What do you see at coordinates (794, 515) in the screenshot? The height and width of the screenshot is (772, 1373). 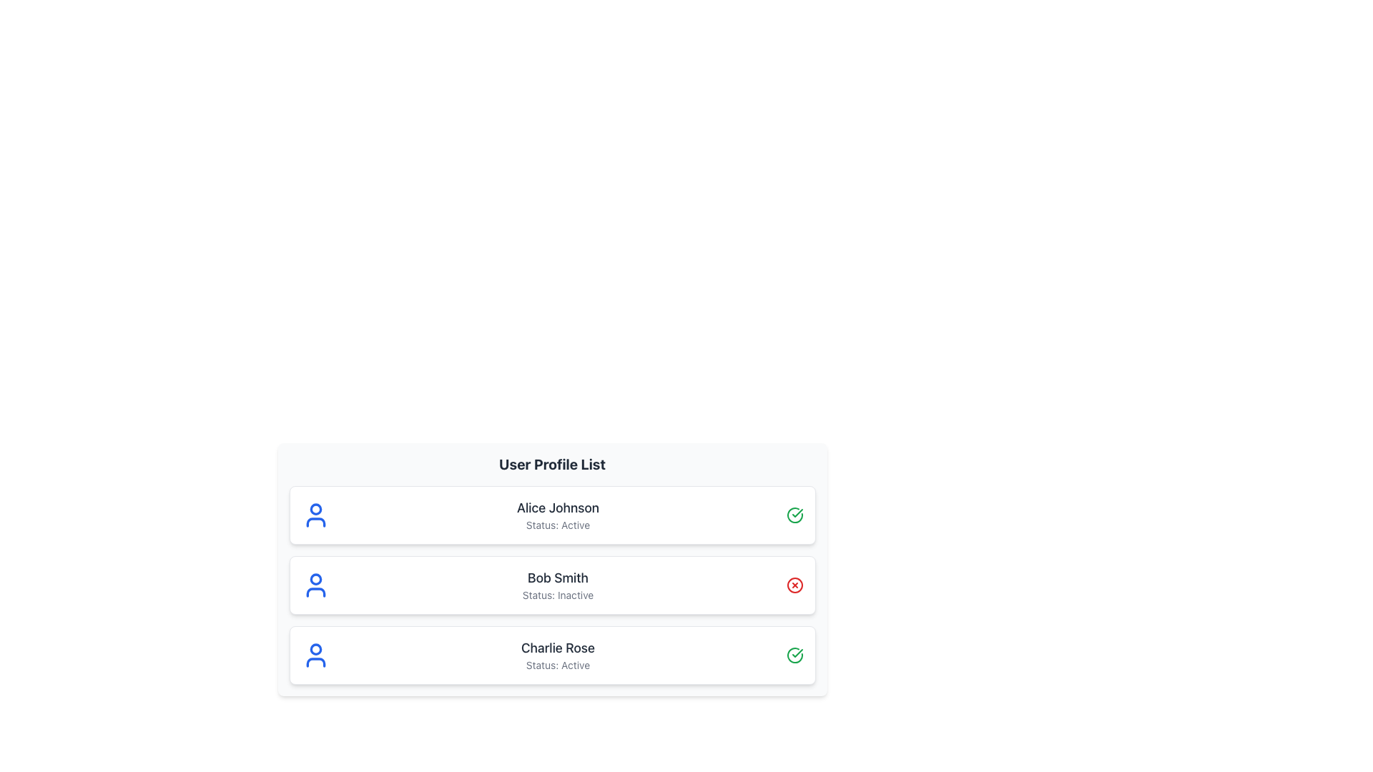 I see `the outer circular portion of the green checkmark icon in the profile section for 'Charlie Rose'` at bounding box center [794, 515].